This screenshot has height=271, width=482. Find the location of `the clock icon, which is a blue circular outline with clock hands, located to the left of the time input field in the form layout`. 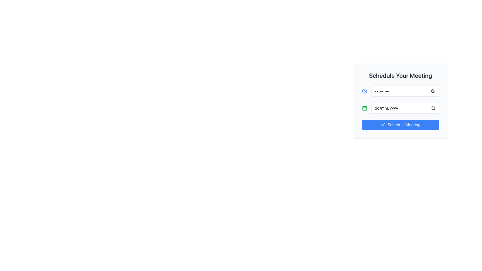

the clock icon, which is a blue circular outline with clock hands, located to the left of the time input field in the form layout is located at coordinates (365, 91).